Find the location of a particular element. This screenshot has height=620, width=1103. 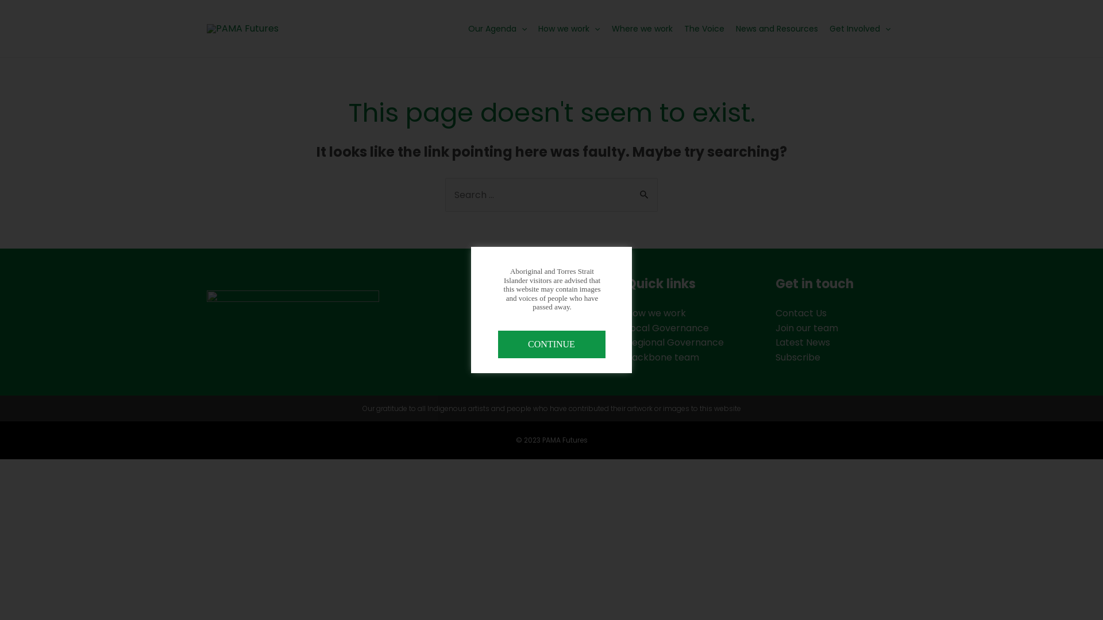

'Latest News' is located at coordinates (802, 342).